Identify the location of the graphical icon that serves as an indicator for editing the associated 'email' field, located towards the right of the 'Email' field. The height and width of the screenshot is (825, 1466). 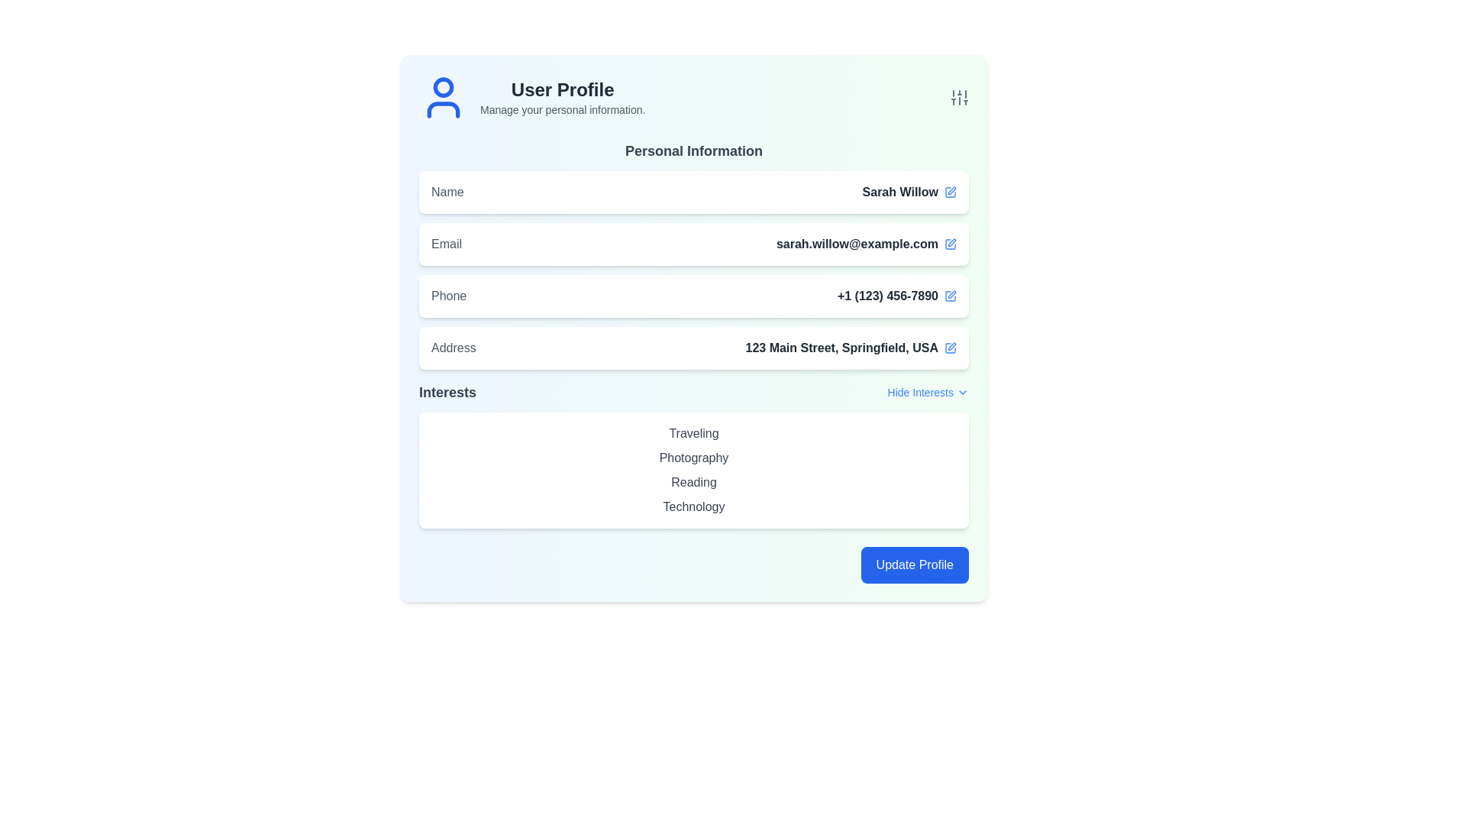
(951, 241).